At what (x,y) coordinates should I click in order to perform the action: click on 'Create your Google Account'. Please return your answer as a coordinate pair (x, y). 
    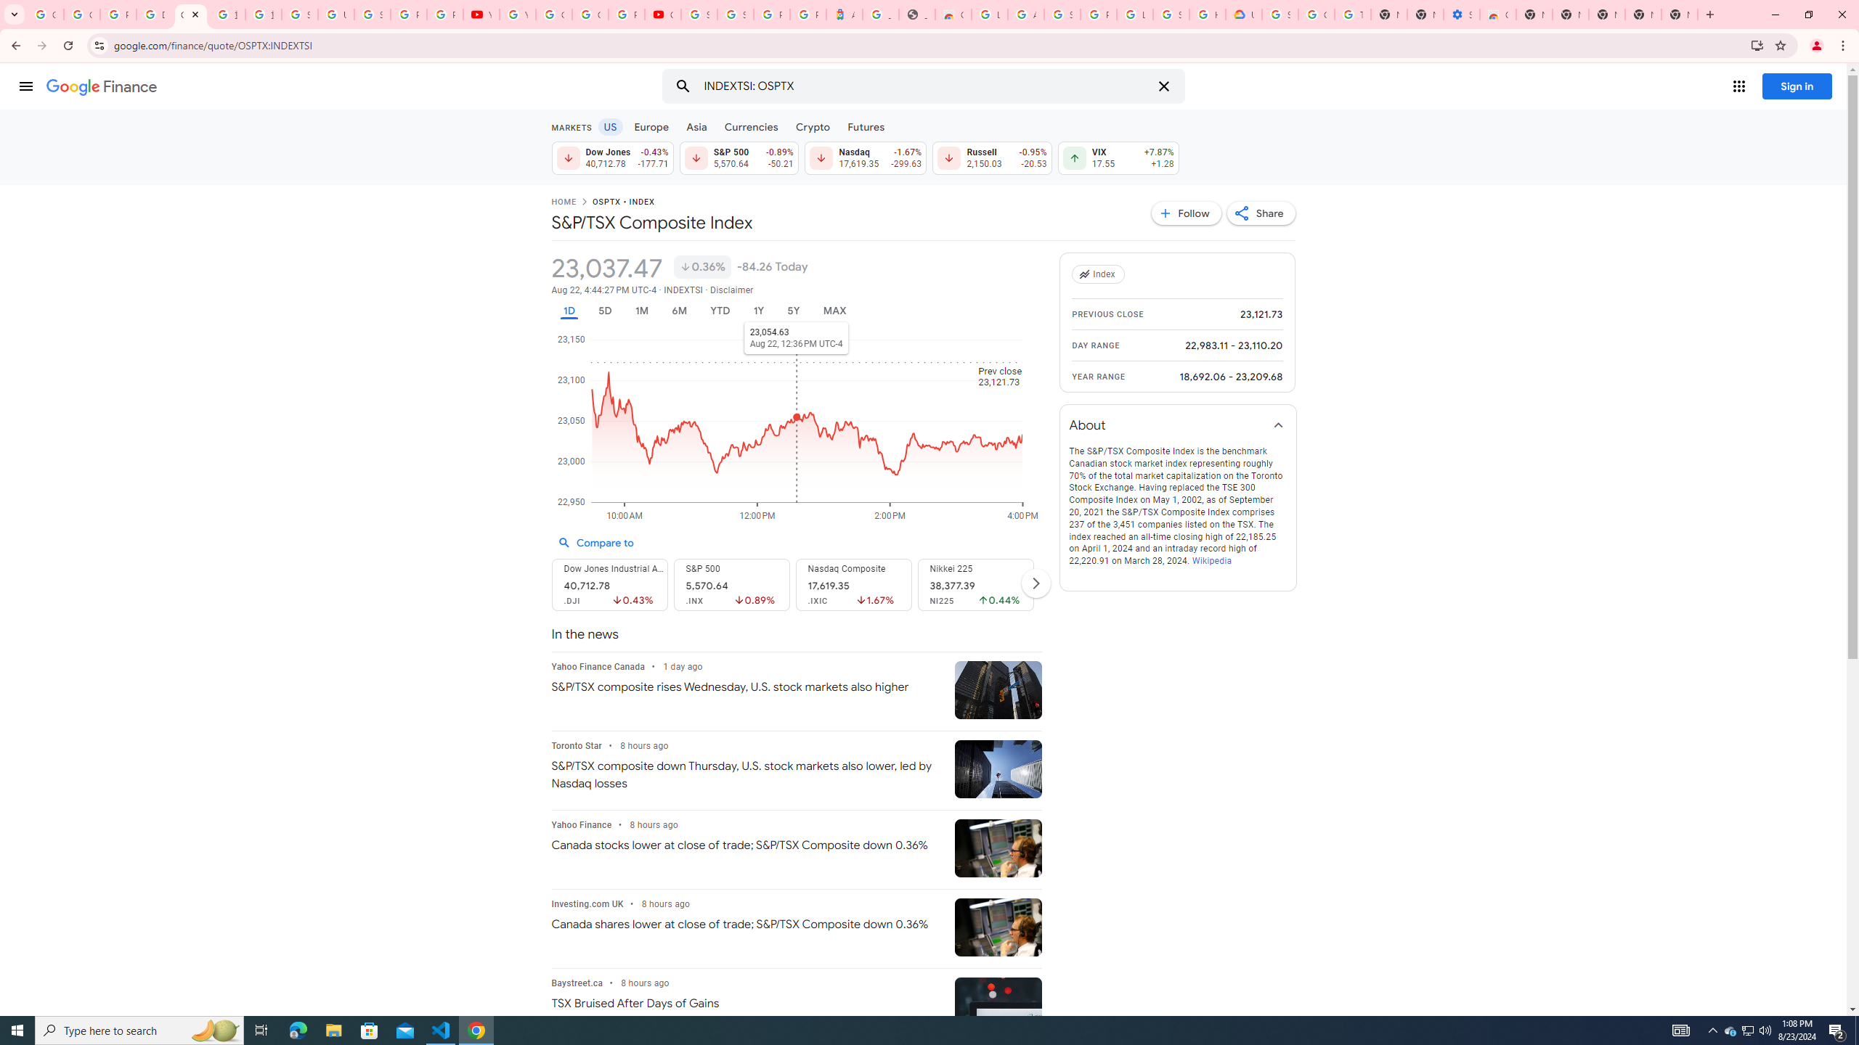
    Looking at the image, I should click on (589, 14).